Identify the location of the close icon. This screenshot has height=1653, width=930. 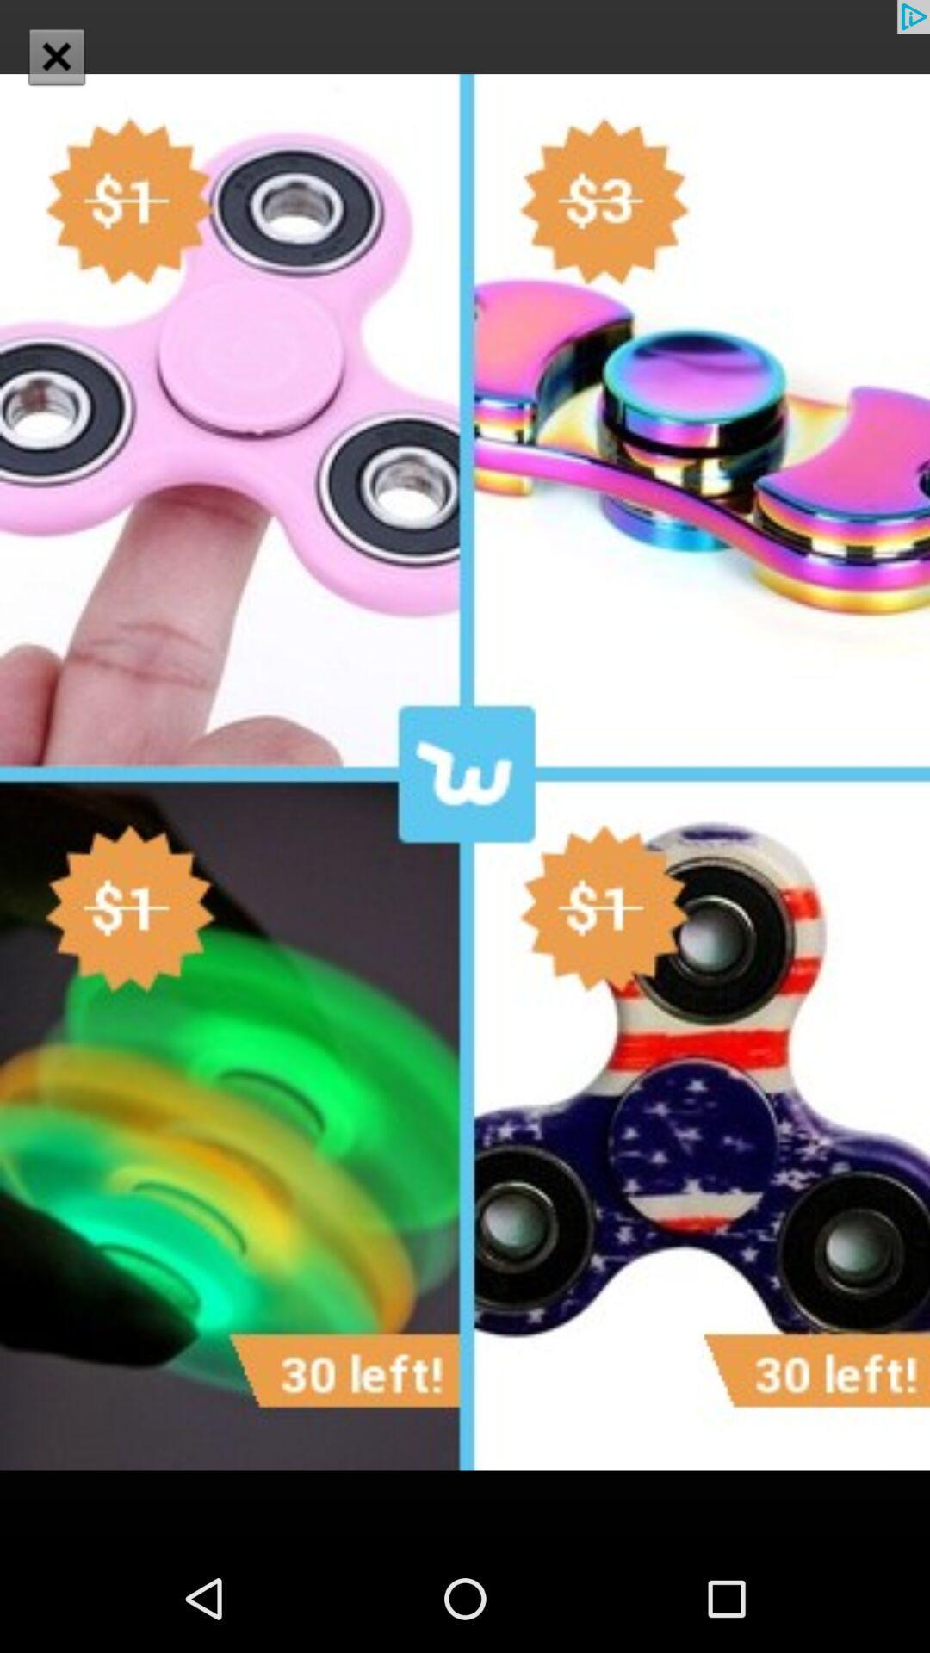
(55, 60).